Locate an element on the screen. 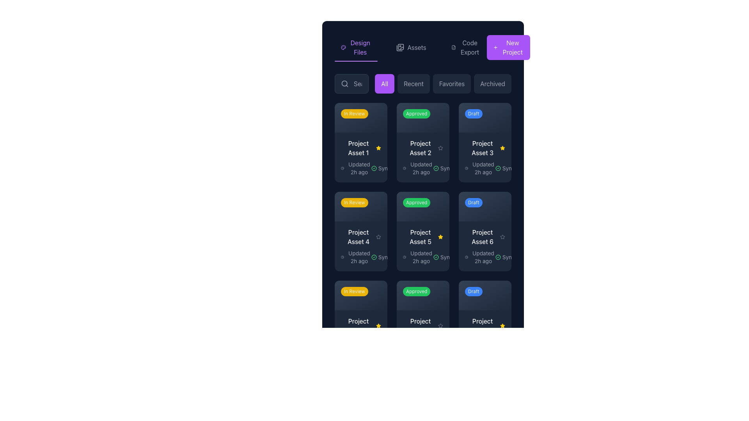  the star-shaped icon next to the text label 'Project Asset 2' is located at coordinates (440, 148).